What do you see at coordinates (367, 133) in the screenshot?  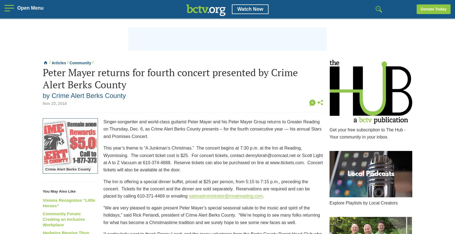 I see `'Get your free subscription to The Hub - Your community in your inbox.'` at bounding box center [367, 133].